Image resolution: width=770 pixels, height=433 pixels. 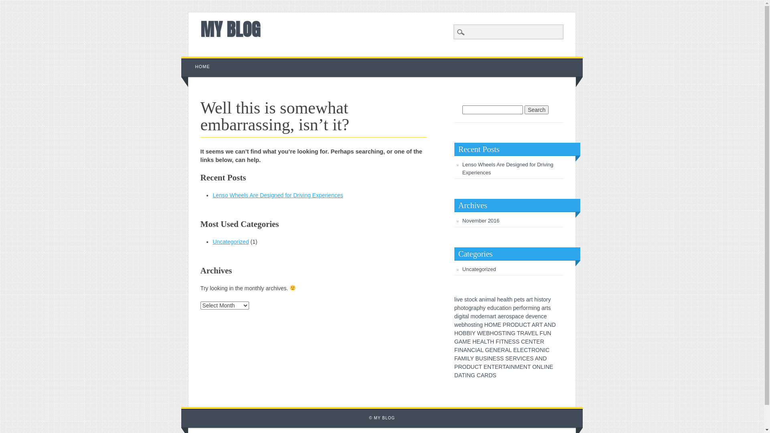 What do you see at coordinates (543, 307) in the screenshot?
I see `'a'` at bounding box center [543, 307].